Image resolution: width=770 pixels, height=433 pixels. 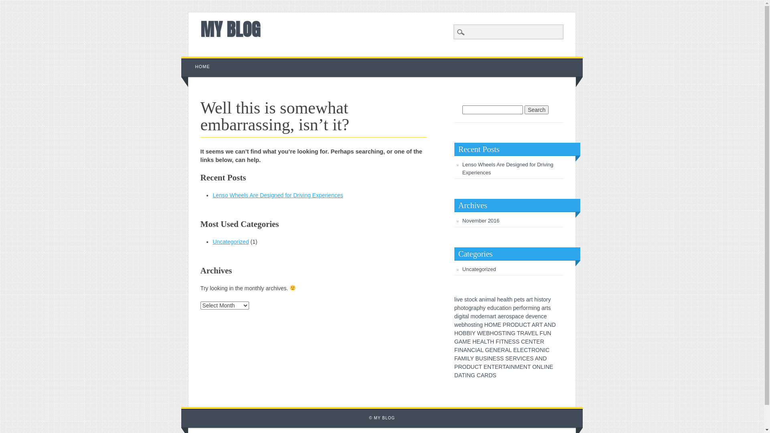 What do you see at coordinates (543, 307) in the screenshot?
I see `'a'` at bounding box center [543, 307].